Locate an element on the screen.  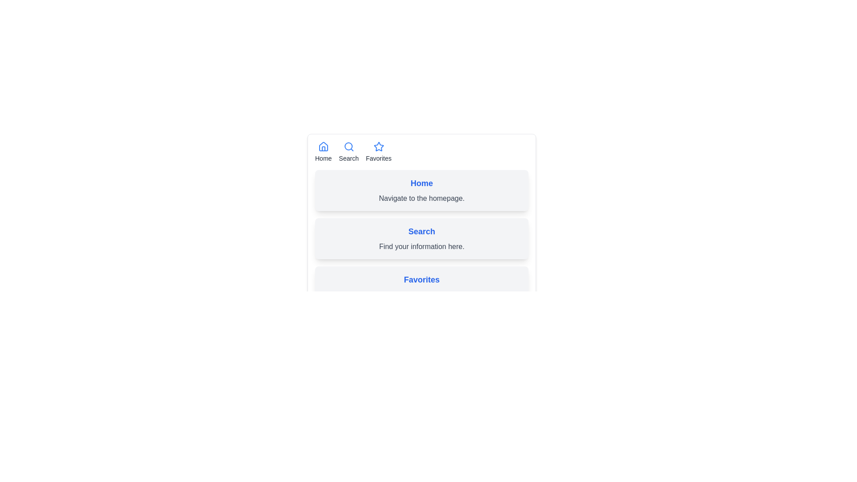
the descriptive text that says 'Navigate to the homepage.' styled in gray and positioned below the 'Home' heading in the card labeled 'Home' is located at coordinates (421, 198).